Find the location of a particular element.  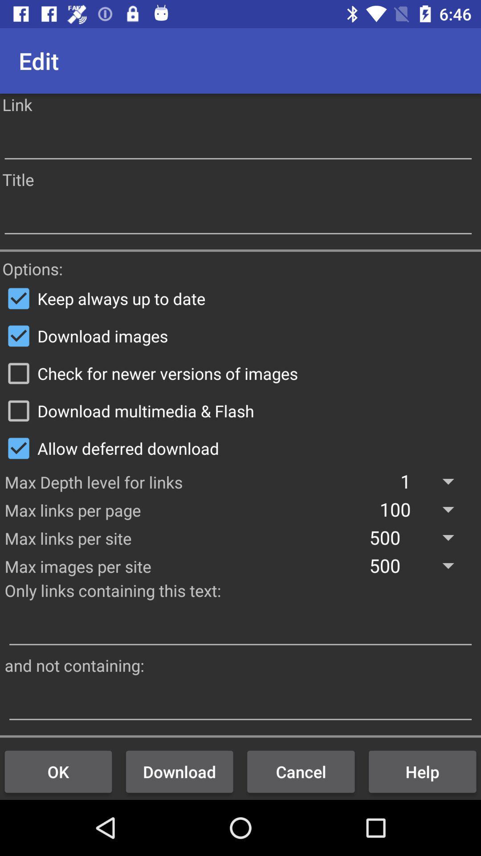

help button is located at coordinates (422, 771).